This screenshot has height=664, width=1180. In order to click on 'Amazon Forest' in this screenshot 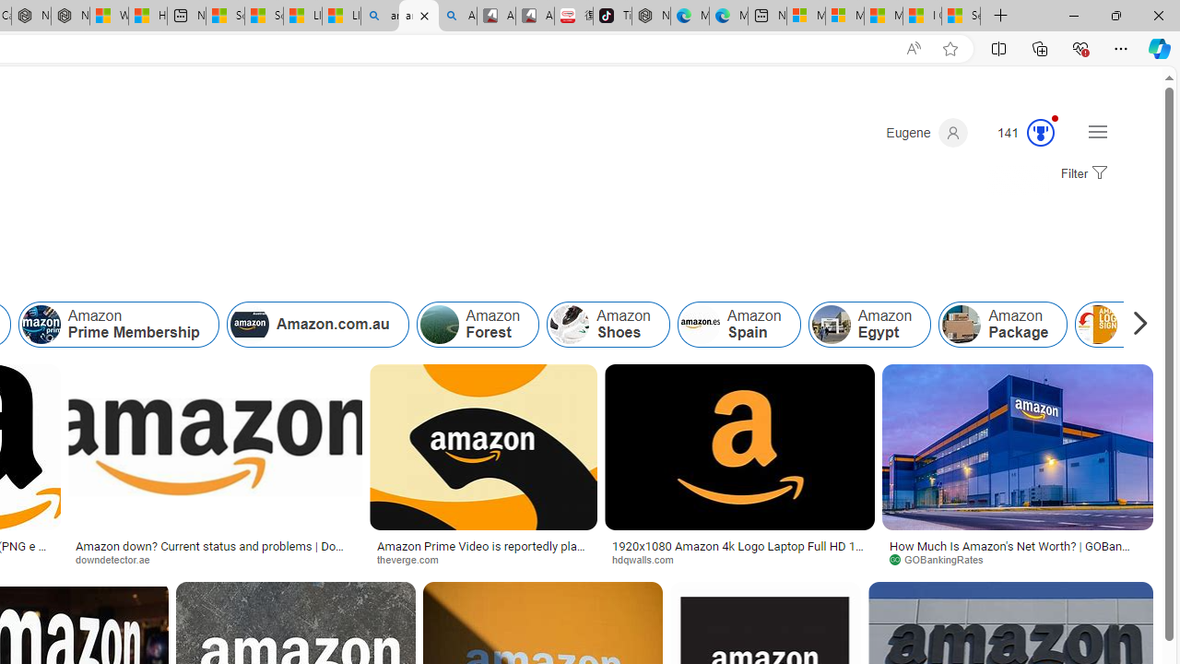, I will do `click(478, 324)`.